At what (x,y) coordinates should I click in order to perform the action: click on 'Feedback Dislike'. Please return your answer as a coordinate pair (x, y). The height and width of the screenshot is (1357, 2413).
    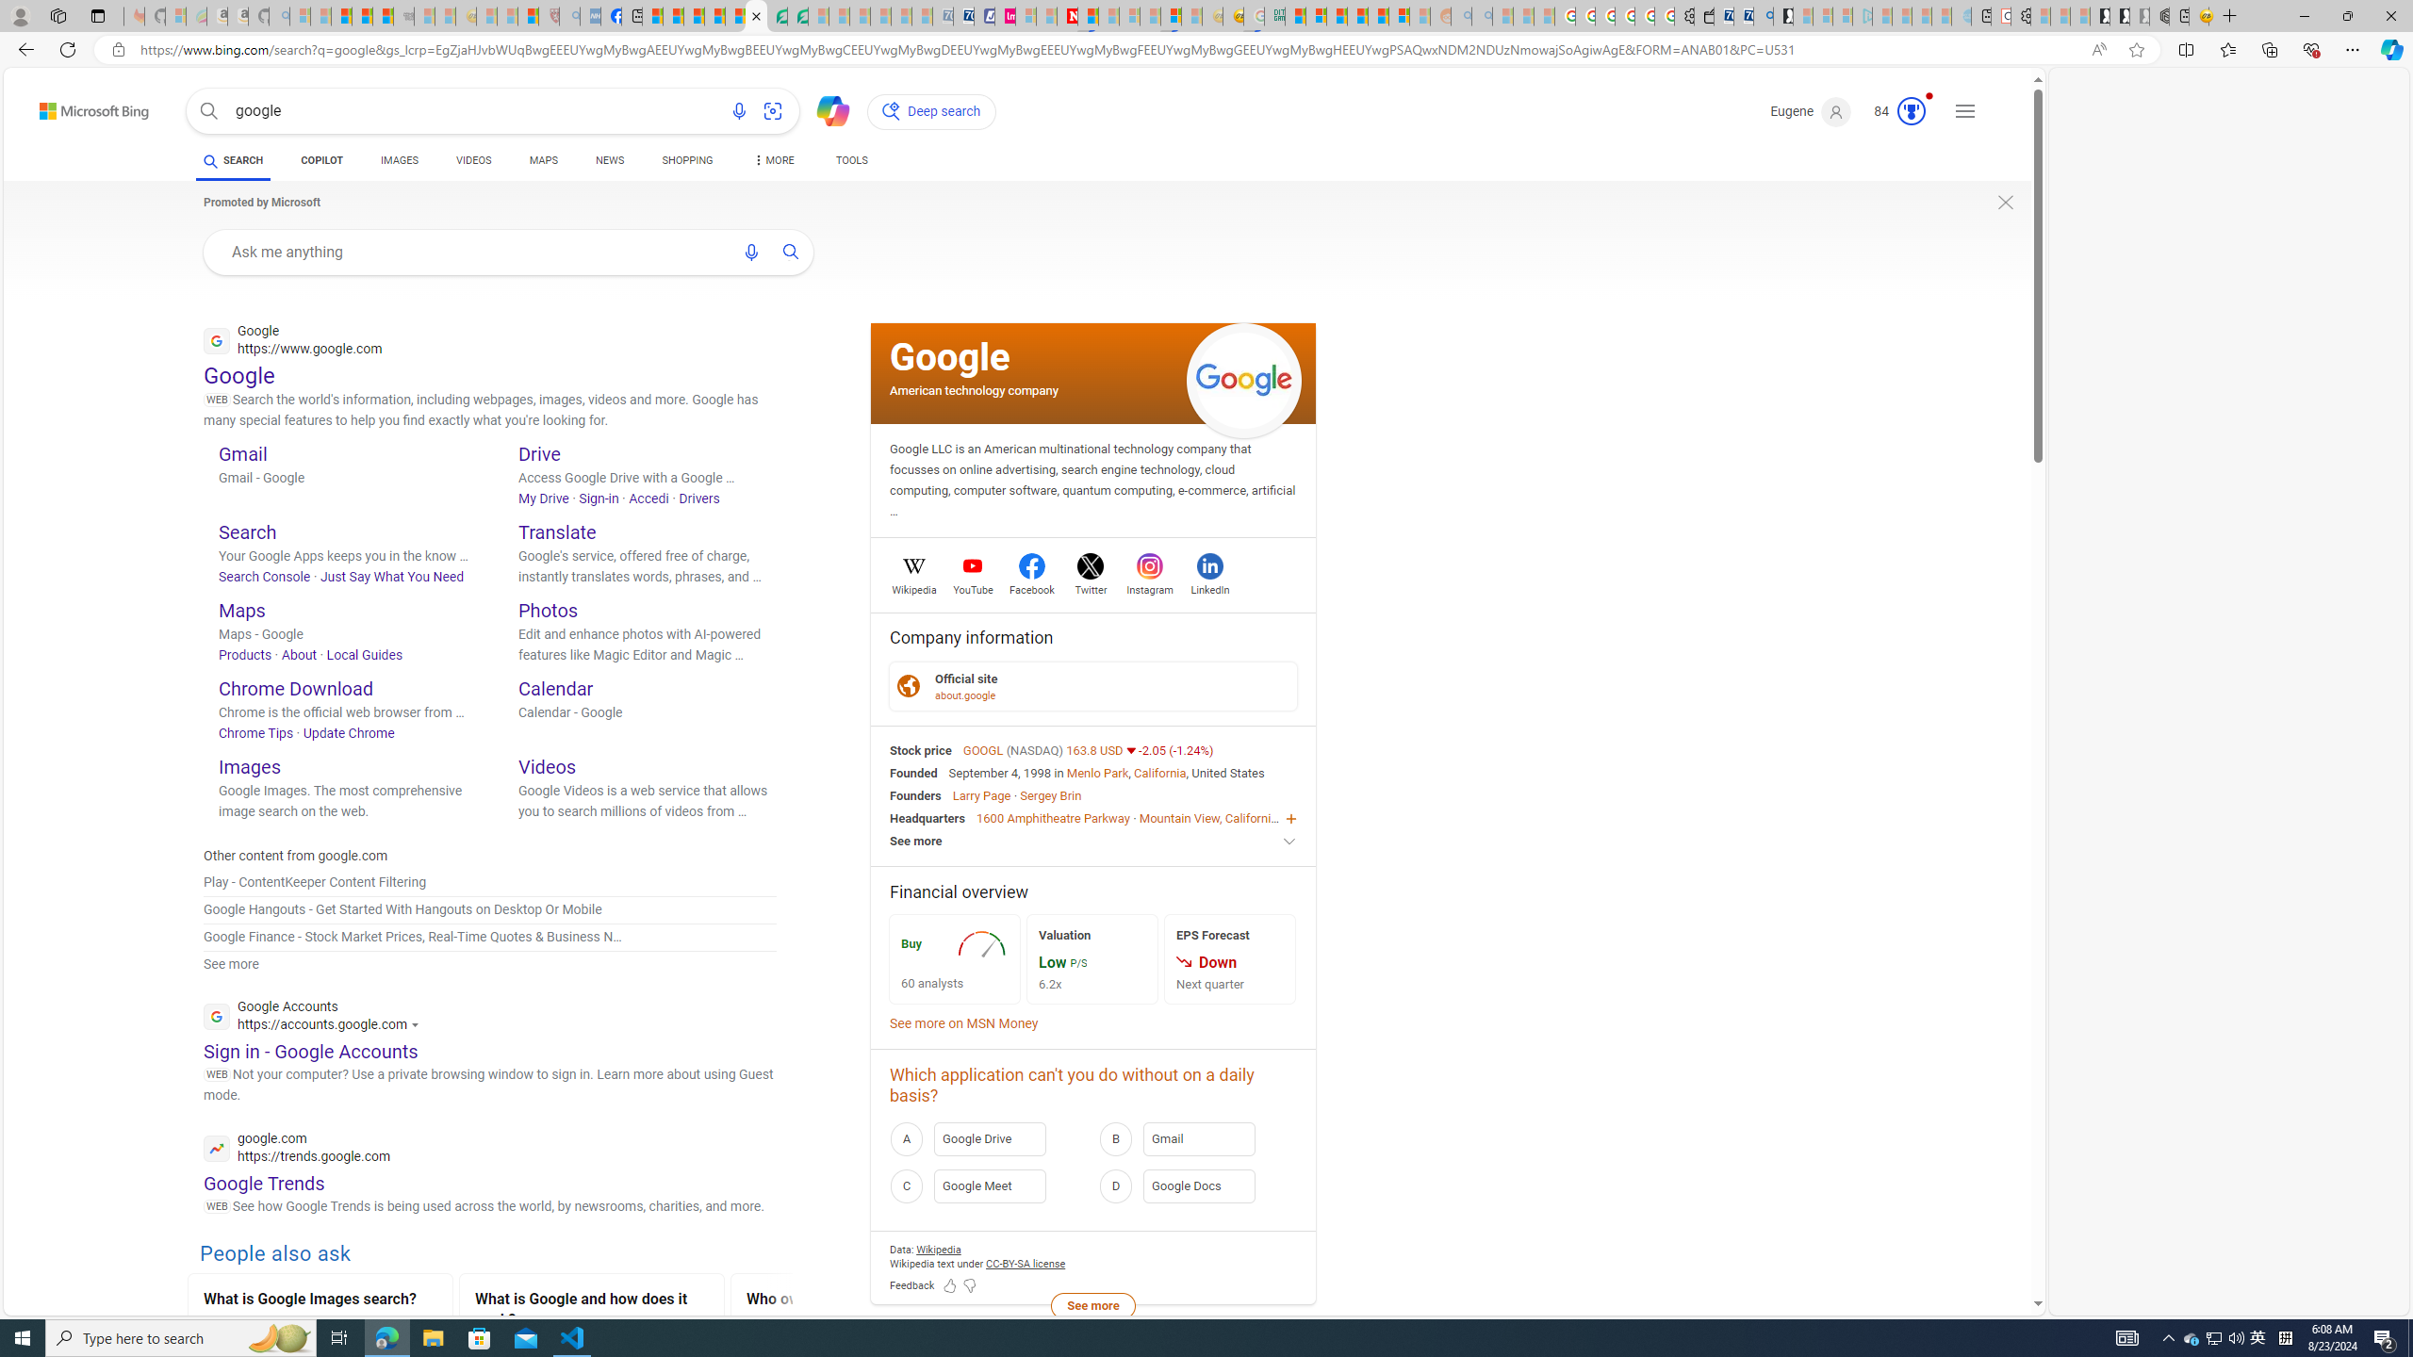
    Looking at the image, I should click on (969, 1284).